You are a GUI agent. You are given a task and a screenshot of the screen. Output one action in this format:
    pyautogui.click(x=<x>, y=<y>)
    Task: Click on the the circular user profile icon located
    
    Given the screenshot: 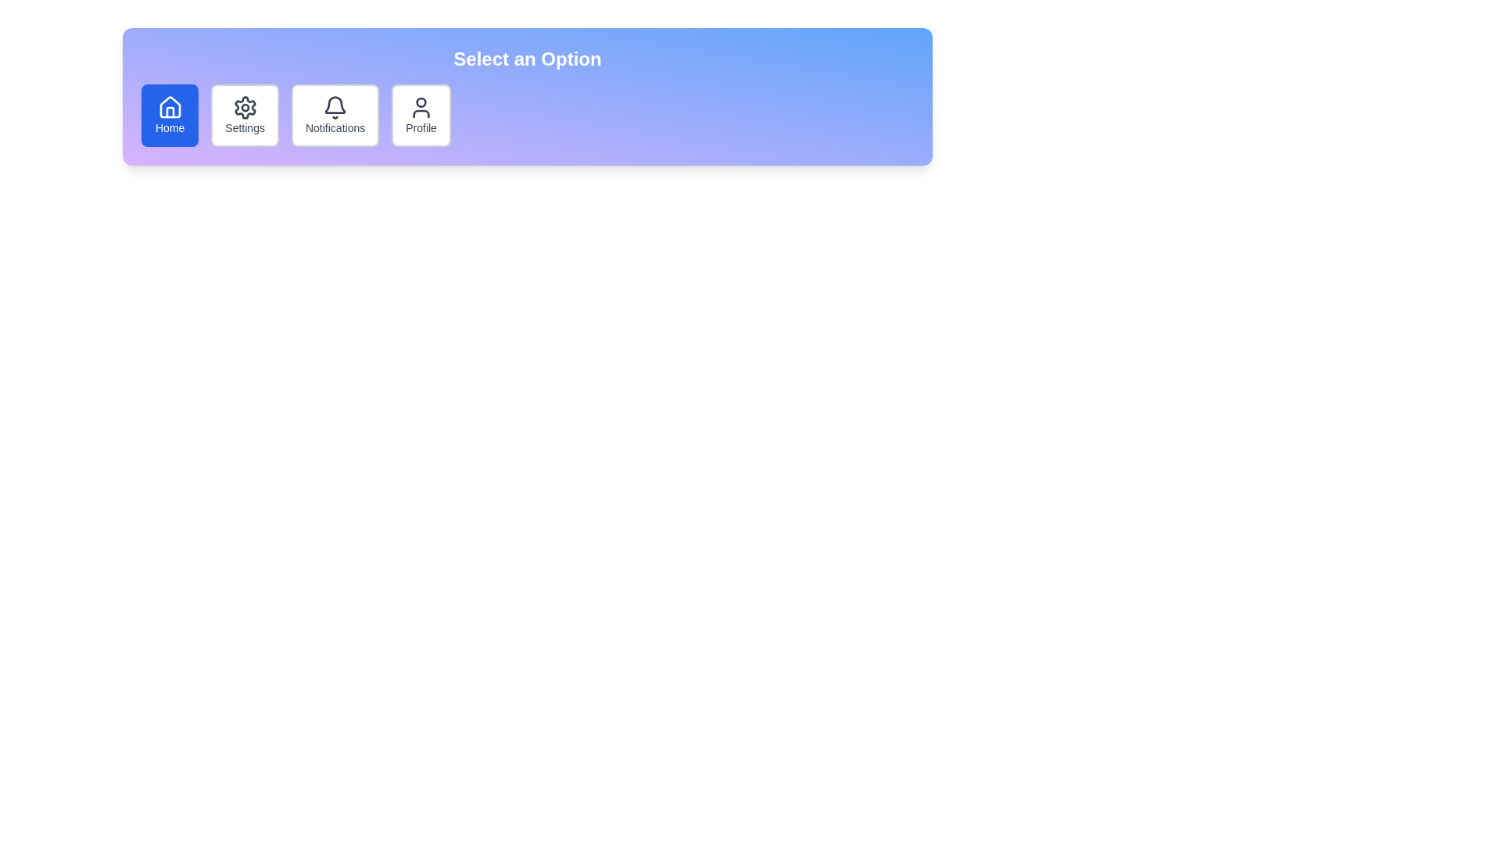 What is the action you would take?
    pyautogui.click(x=421, y=107)
    